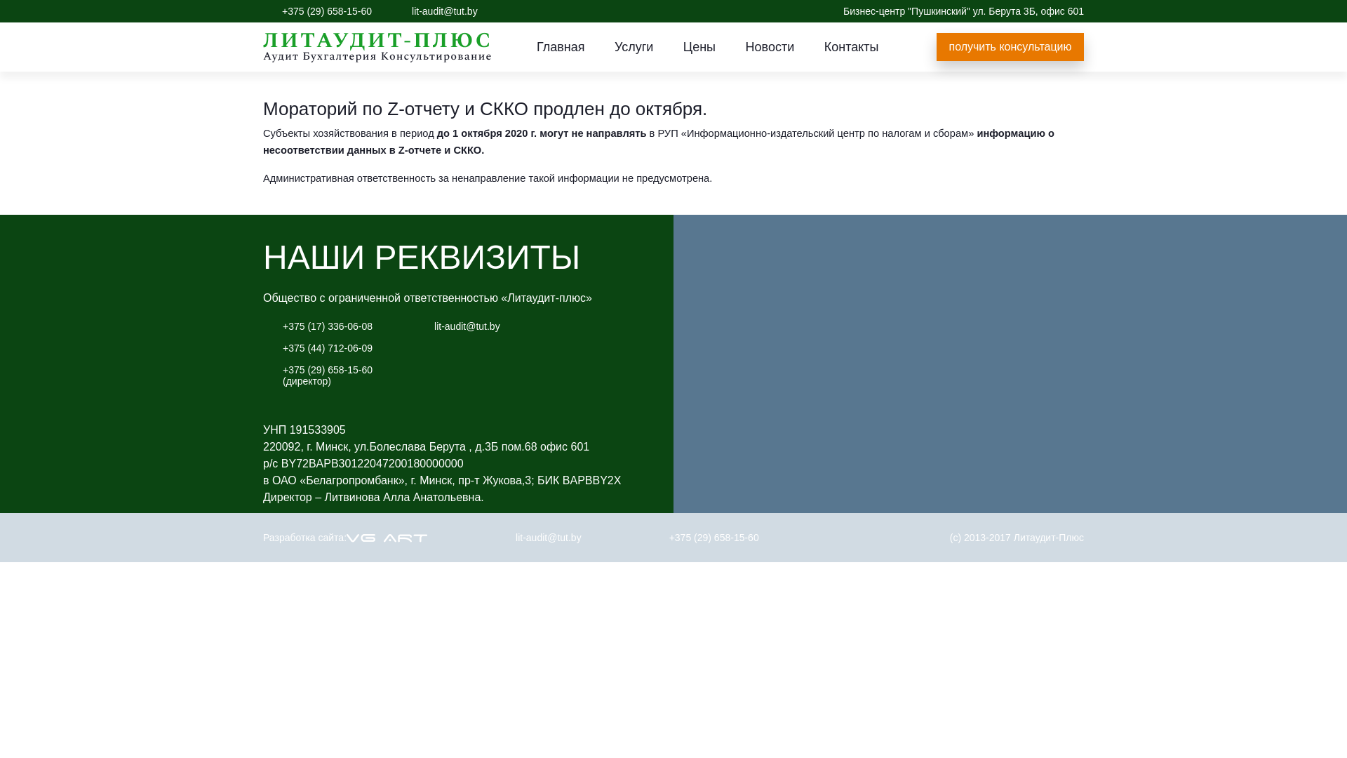  Describe the element at coordinates (326, 326) in the screenshot. I see `'+375 (17) 336-06-08'` at that location.